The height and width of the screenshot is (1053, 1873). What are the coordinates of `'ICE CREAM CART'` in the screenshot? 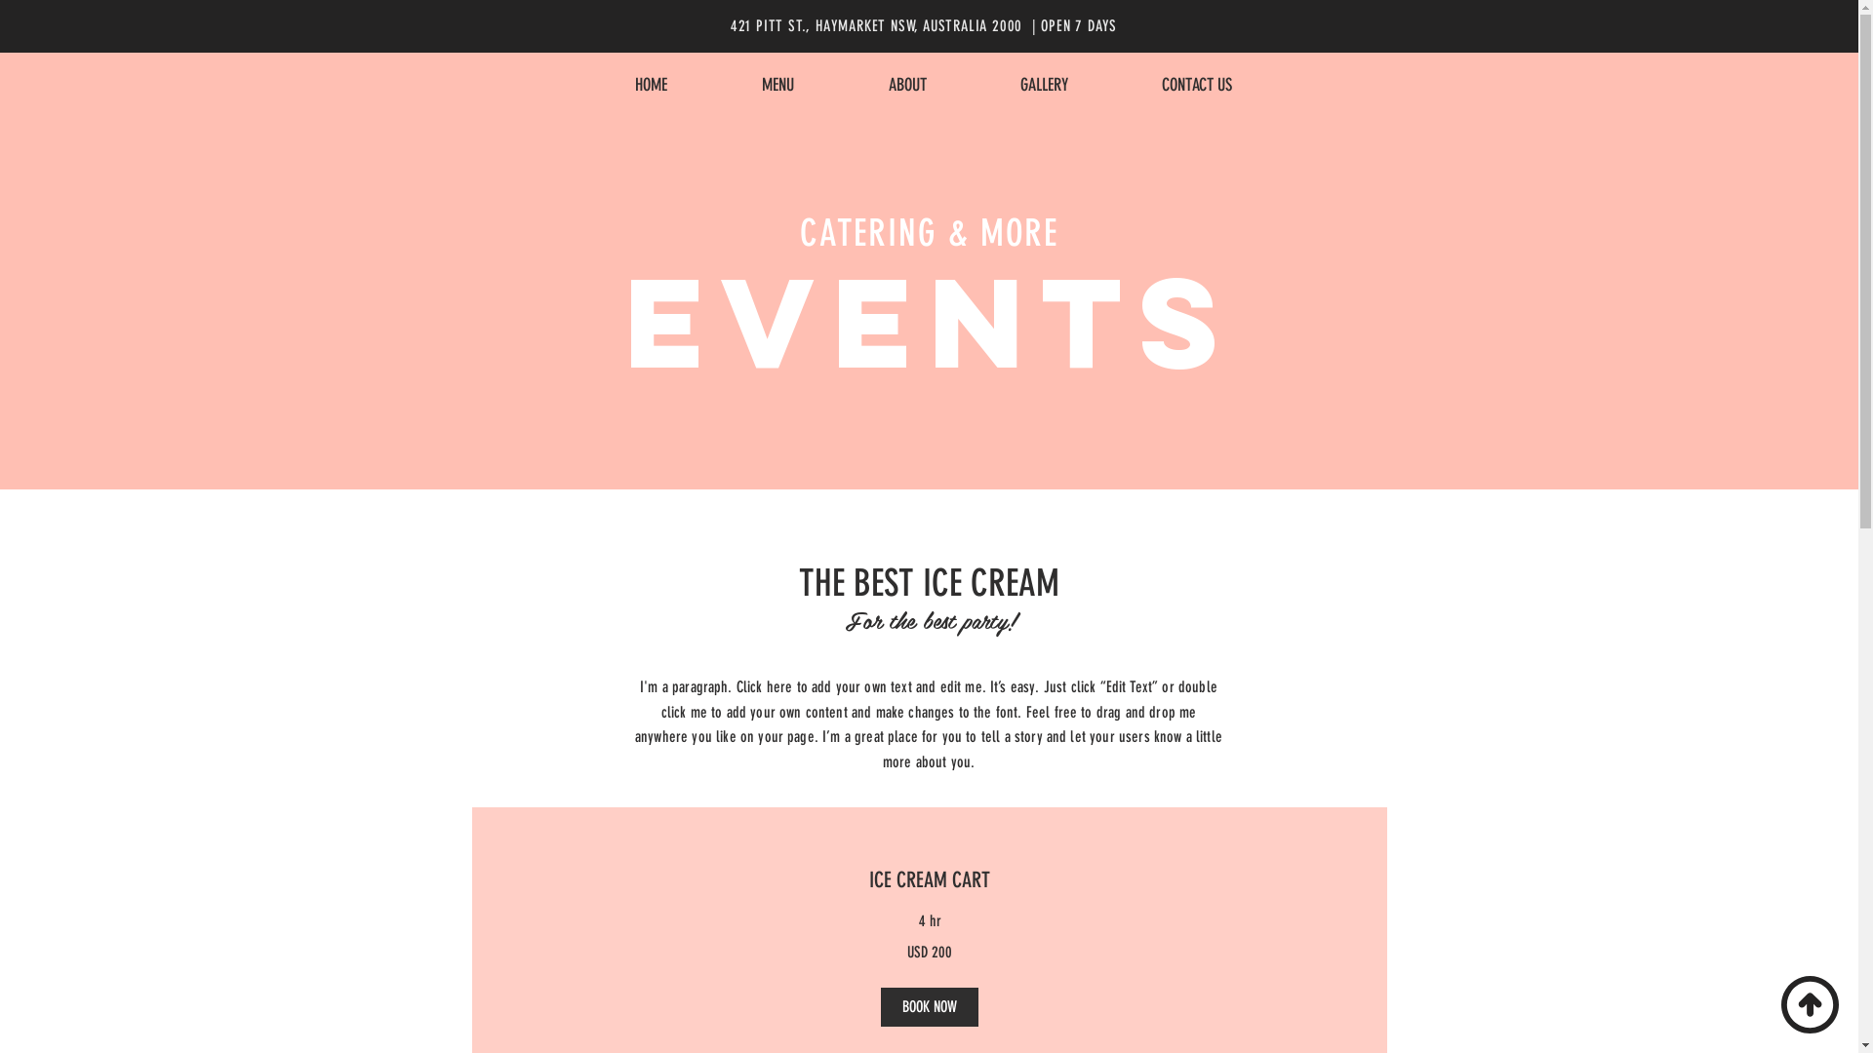 It's located at (929, 879).